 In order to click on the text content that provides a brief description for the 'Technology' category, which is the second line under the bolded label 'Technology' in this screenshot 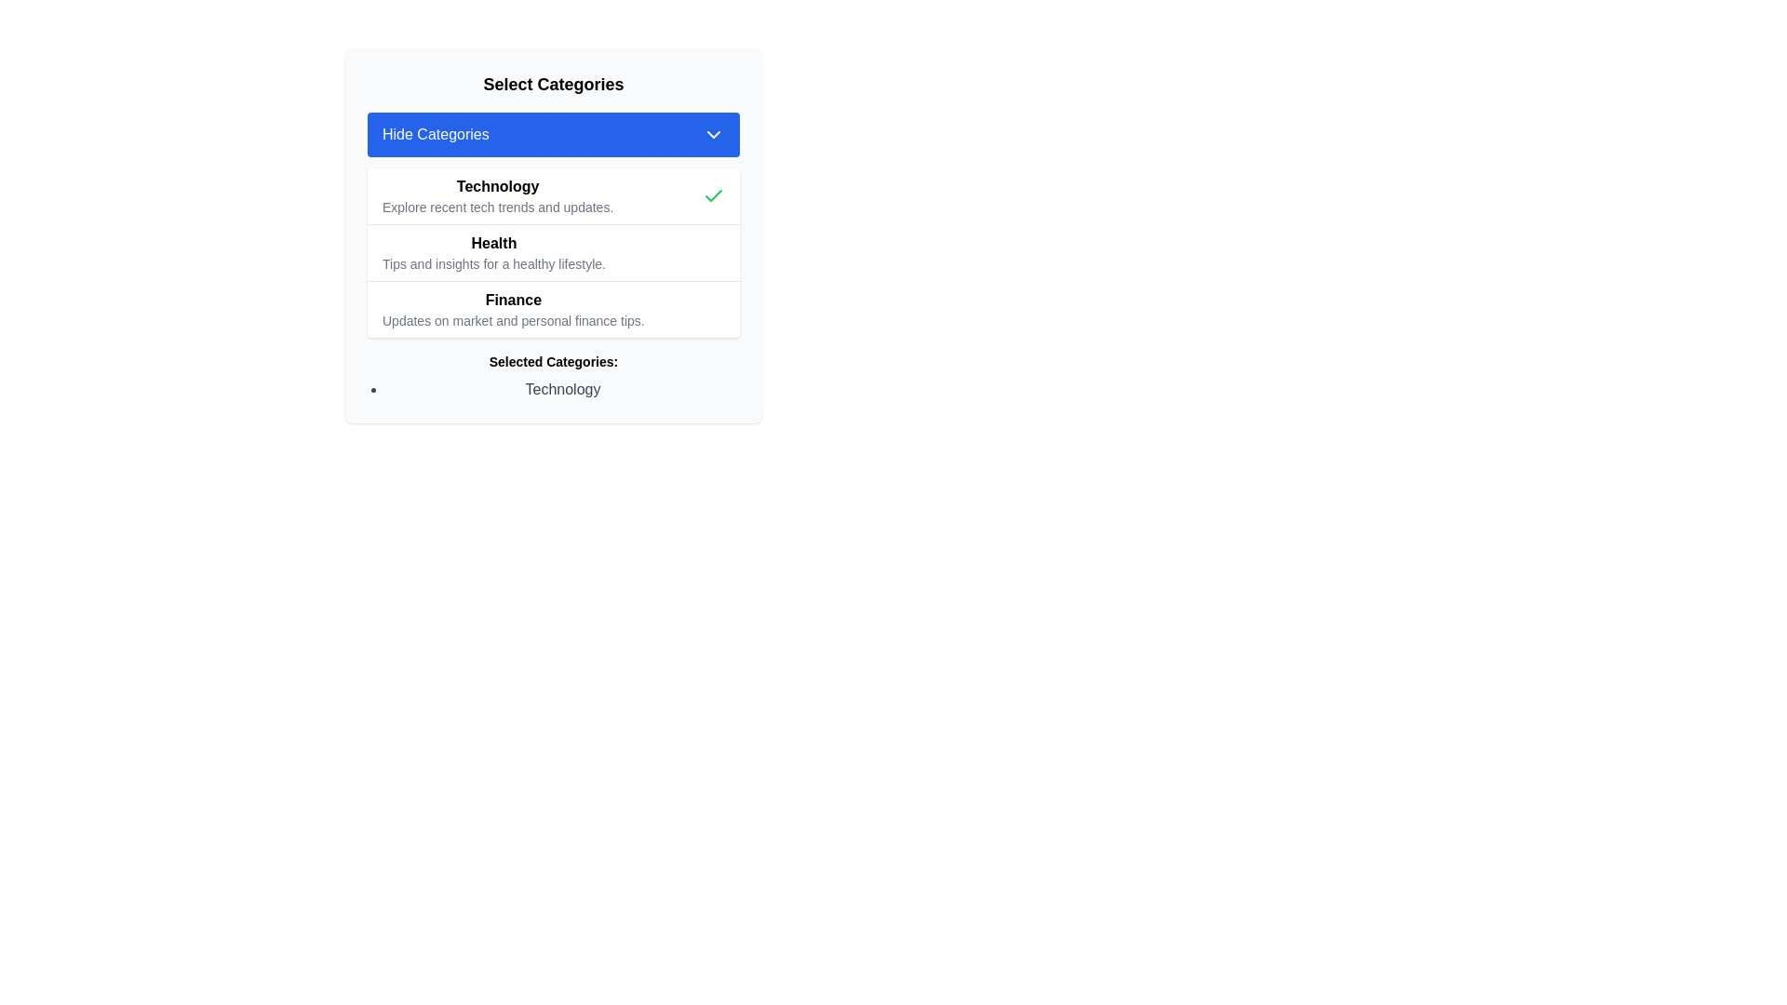, I will do `click(498, 208)`.